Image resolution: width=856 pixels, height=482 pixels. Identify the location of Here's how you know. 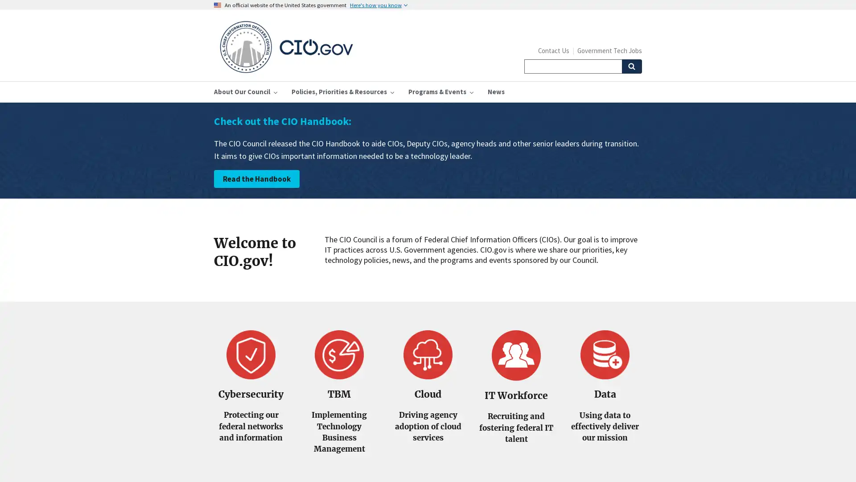
(379, 5).